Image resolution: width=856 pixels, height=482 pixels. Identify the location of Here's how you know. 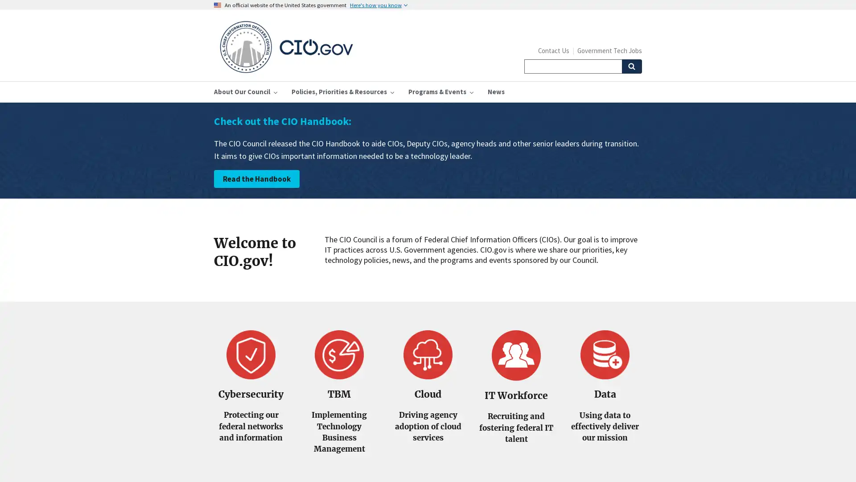
(379, 5).